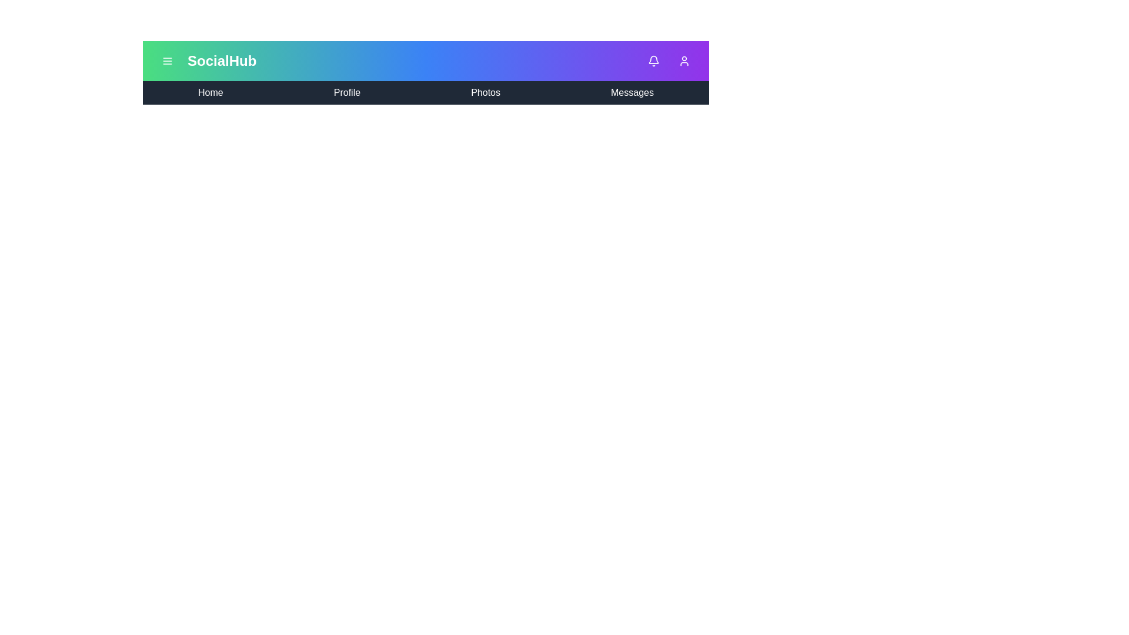 This screenshot has width=1129, height=635. Describe the element at coordinates (211, 92) in the screenshot. I see `the navigation item Home to see the hover effect` at that location.